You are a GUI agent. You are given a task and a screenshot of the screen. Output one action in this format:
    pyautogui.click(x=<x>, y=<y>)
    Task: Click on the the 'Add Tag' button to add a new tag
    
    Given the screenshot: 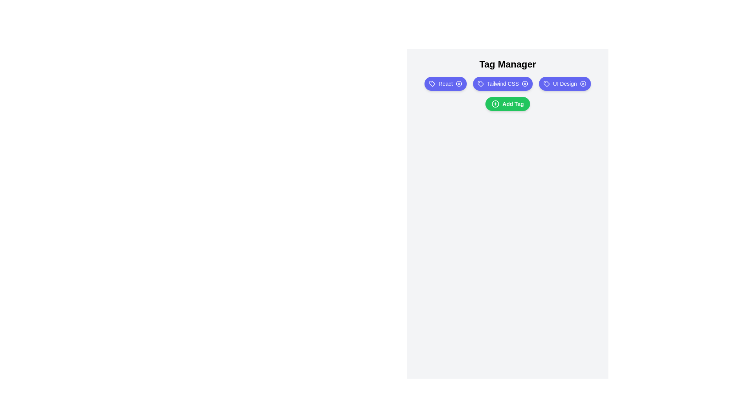 What is the action you would take?
    pyautogui.click(x=508, y=103)
    